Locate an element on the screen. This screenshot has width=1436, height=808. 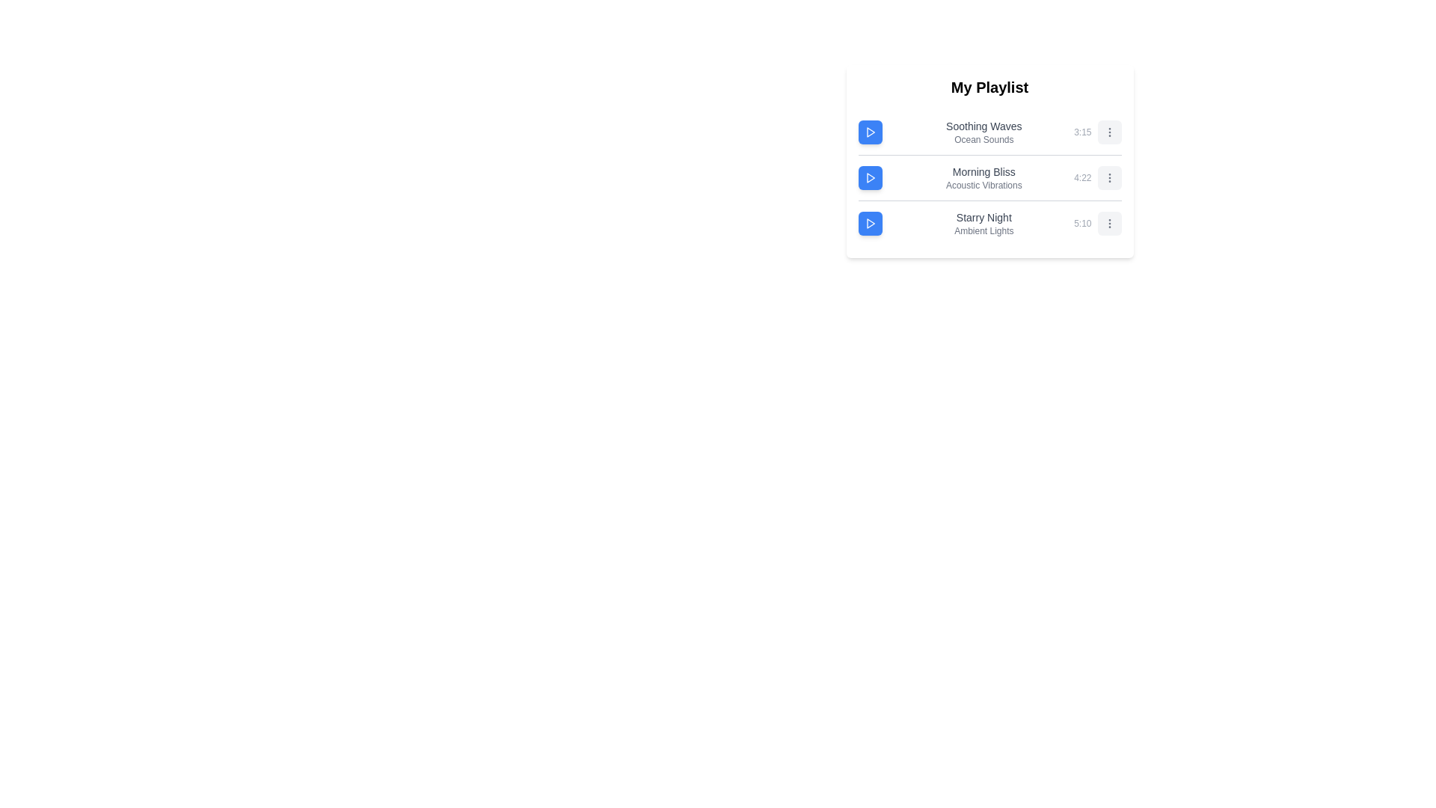
the text label displaying the duration of the audio item in the playlist, which is positioned at the far right of the first playlist item row, next to a vertical ellipsis button is located at coordinates (1082, 132).